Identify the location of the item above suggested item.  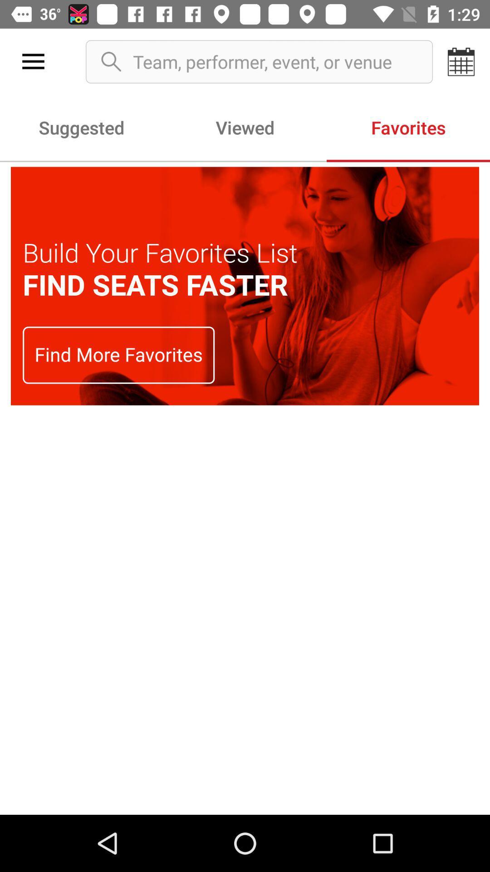
(33, 61).